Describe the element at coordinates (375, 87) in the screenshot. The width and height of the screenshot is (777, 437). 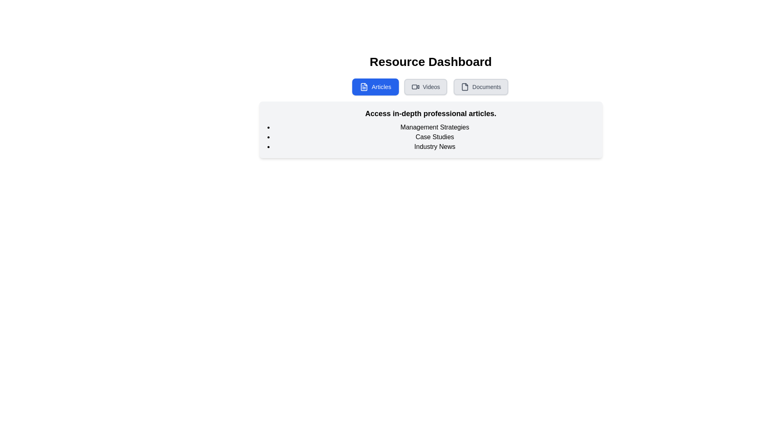
I see `the 'Articles' navigation tab in the Resource Dashboard` at that location.